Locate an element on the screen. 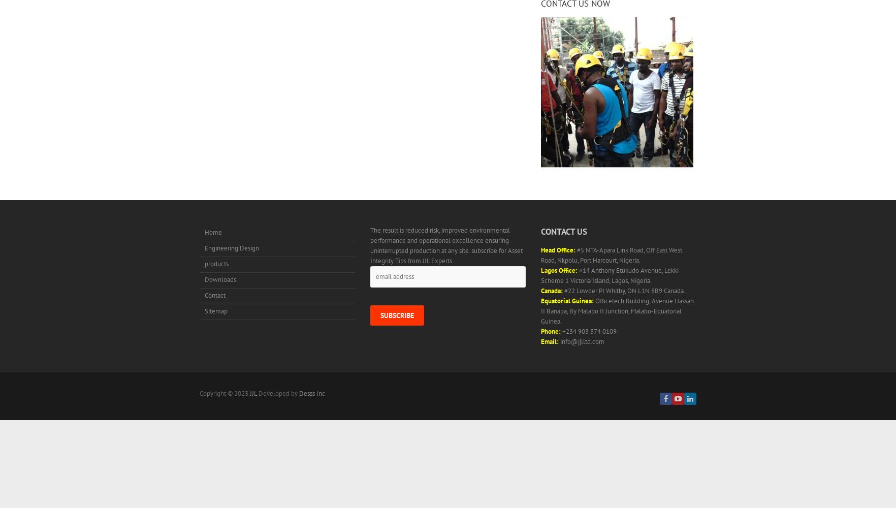  'Home' is located at coordinates (213, 232).